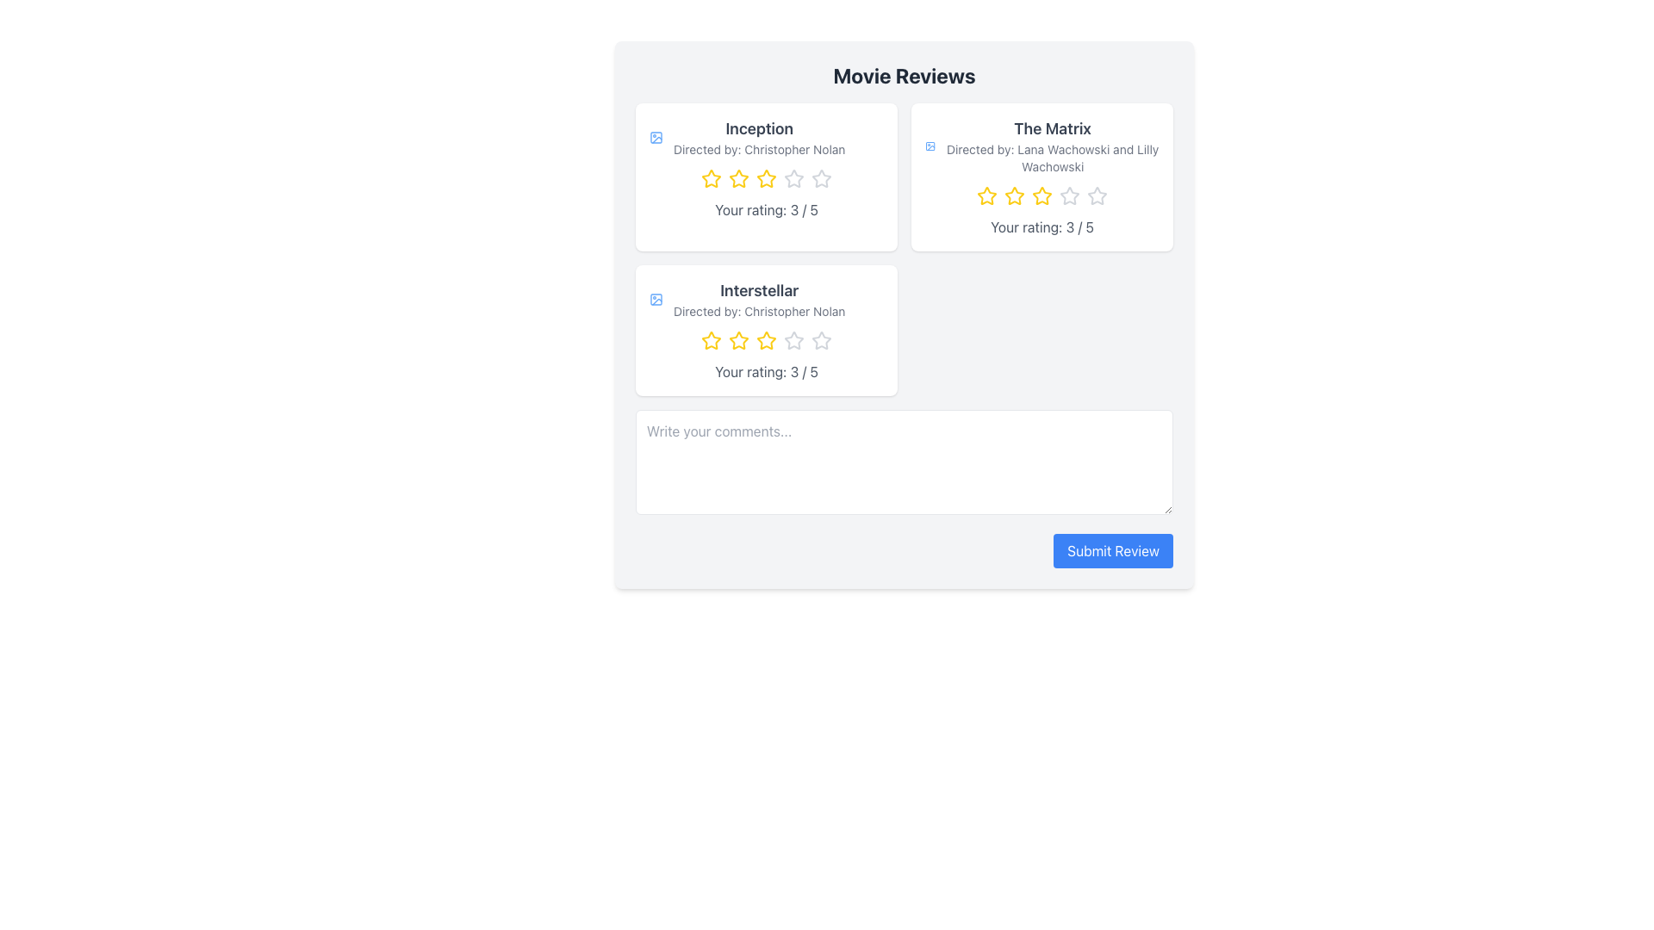 Image resolution: width=1654 pixels, height=930 pixels. What do you see at coordinates (1041, 195) in the screenshot?
I see `the third star in the rating section of 'The Matrix' movie review to indicate a rating` at bounding box center [1041, 195].